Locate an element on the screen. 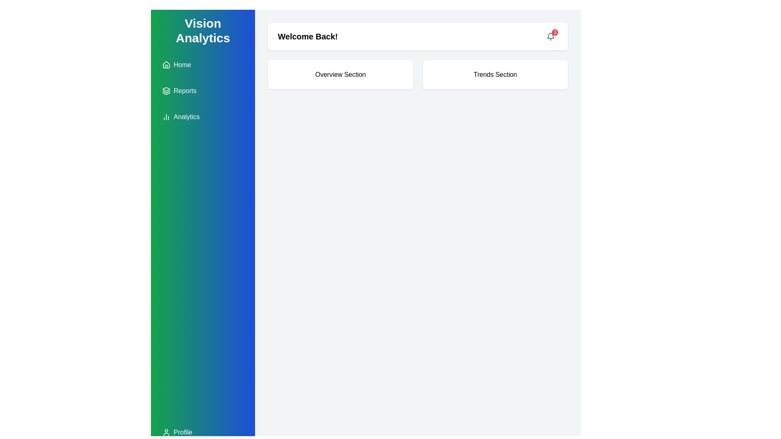 This screenshot has width=781, height=439. the Reports button located in the vertical navigation menu on the left sidebar is located at coordinates (203, 91).